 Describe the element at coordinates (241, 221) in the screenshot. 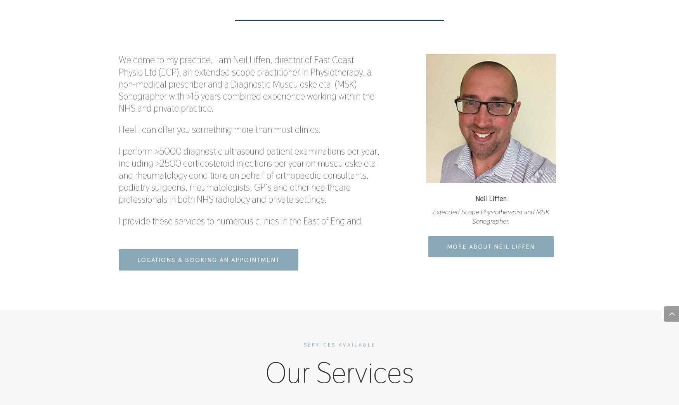

I see `'I provide these services to numerous clinics in the East of England.'` at that location.